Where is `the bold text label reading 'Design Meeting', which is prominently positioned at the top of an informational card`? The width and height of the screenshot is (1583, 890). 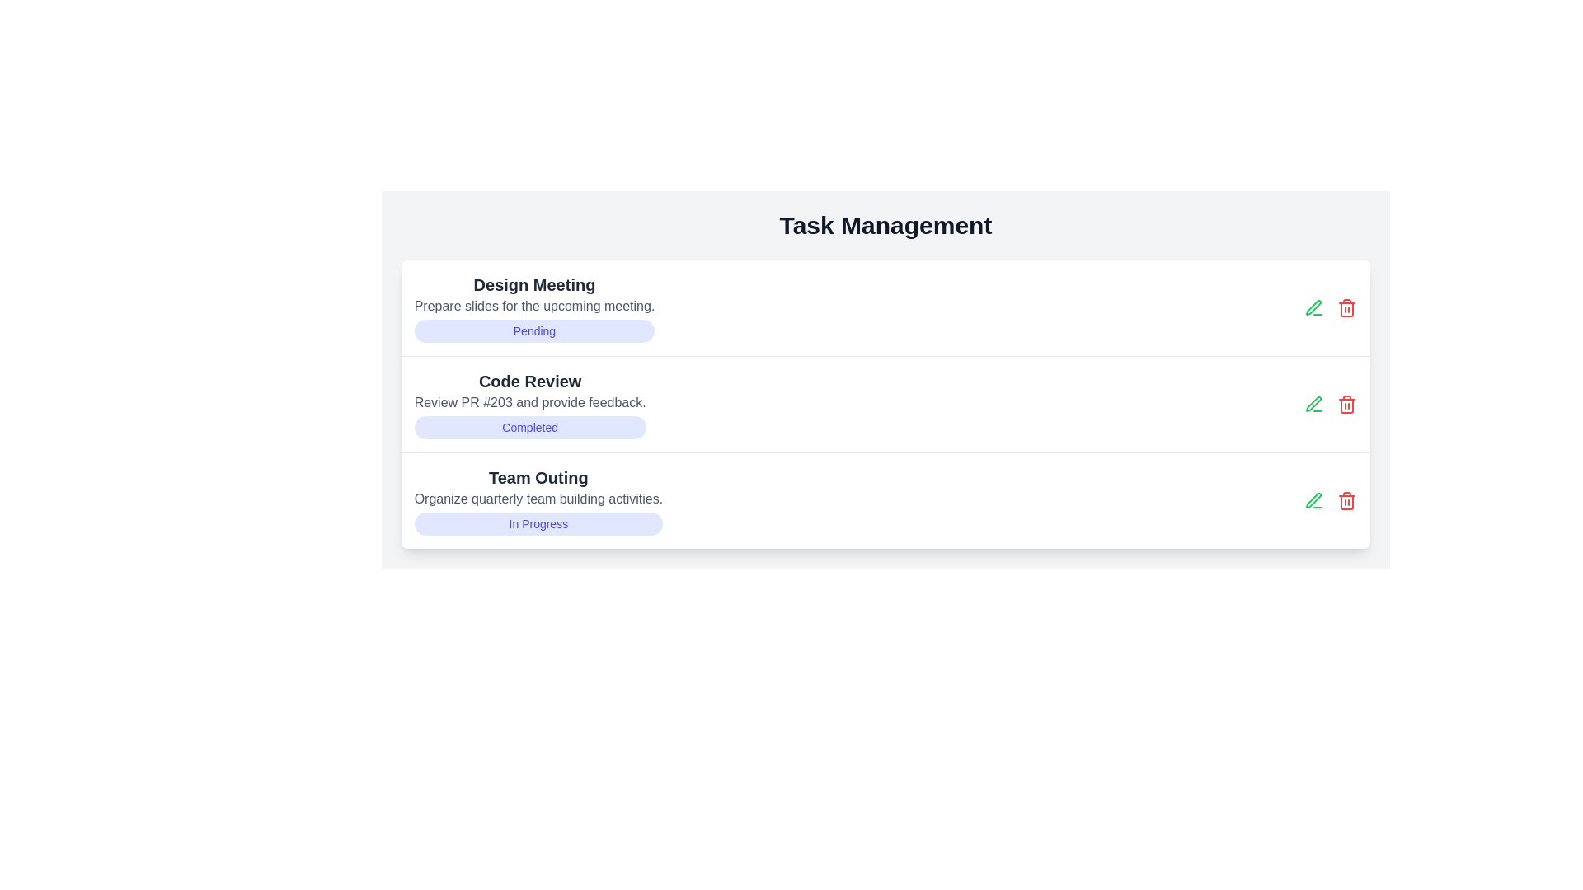
the bold text label reading 'Design Meeting', which is prominently positioned at the top of an informational card is located at coordinates (534, 284).